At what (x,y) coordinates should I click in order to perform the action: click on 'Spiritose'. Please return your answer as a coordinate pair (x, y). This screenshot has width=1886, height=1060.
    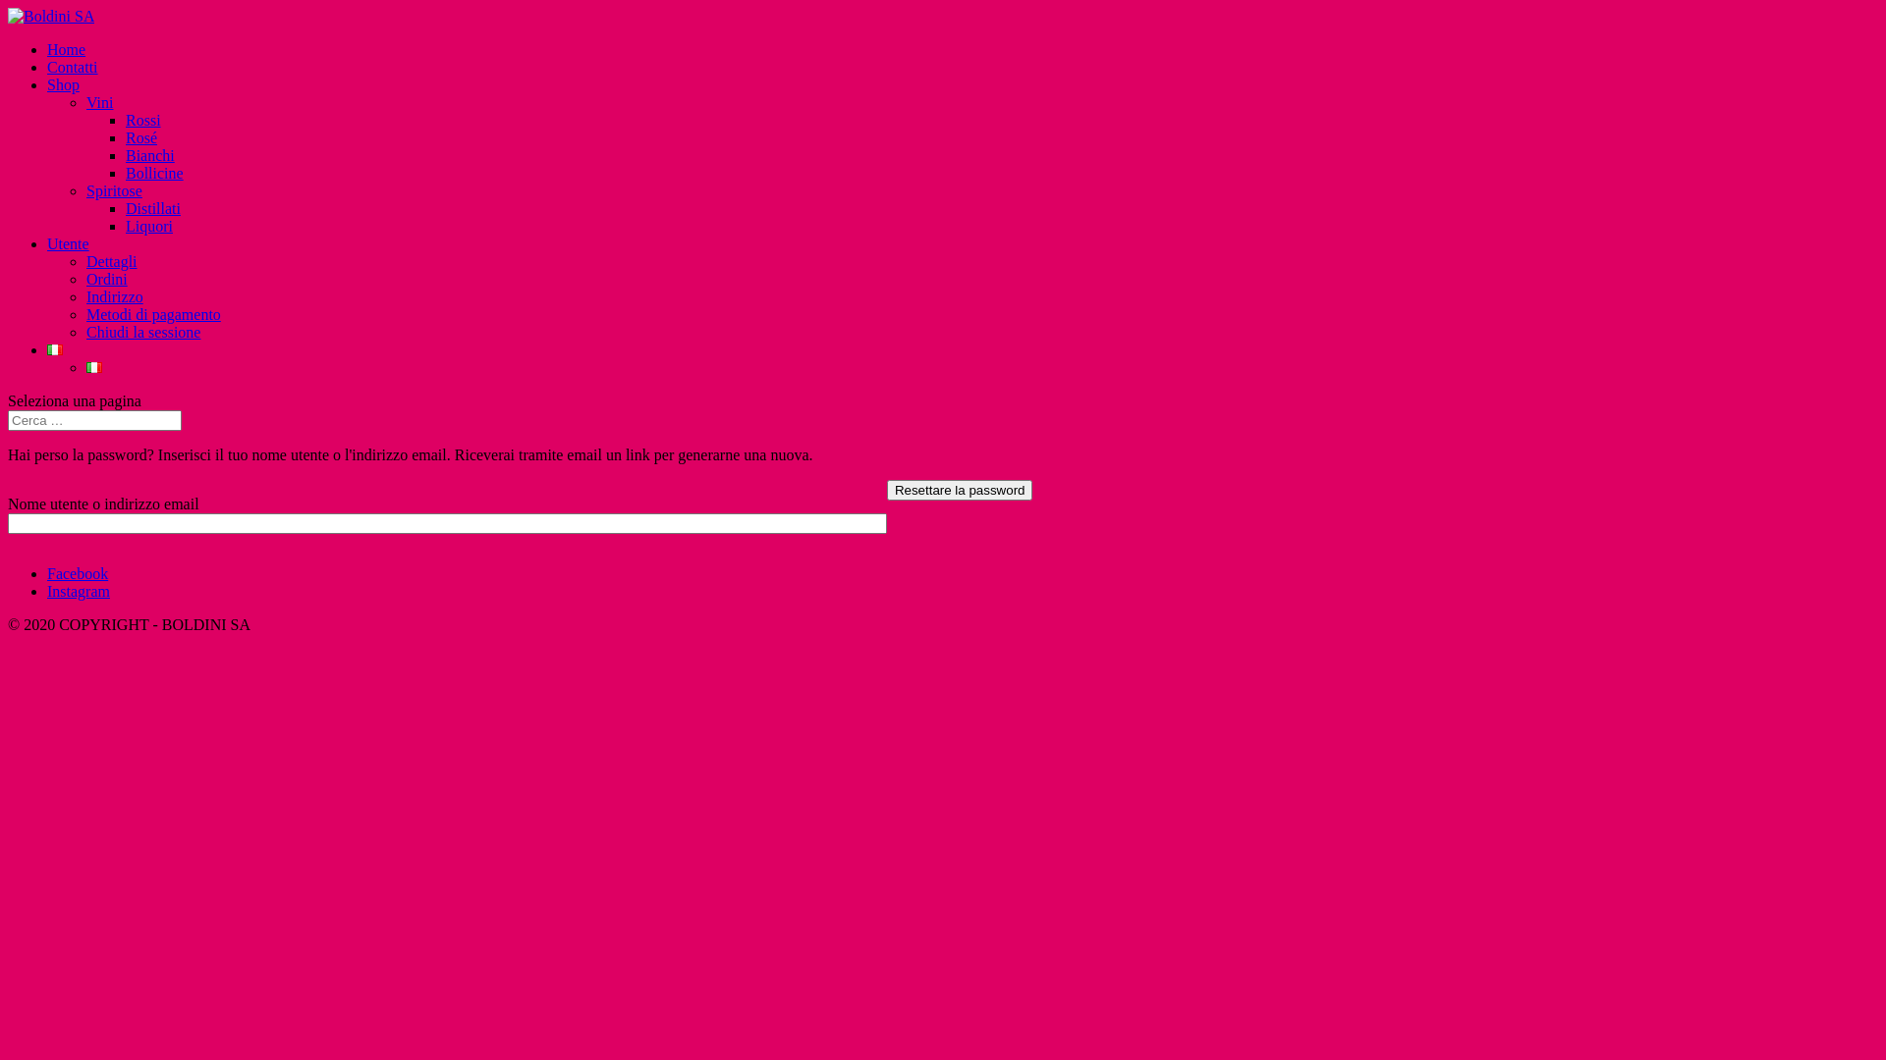
    Looking at the image, I should click on (113, 190).